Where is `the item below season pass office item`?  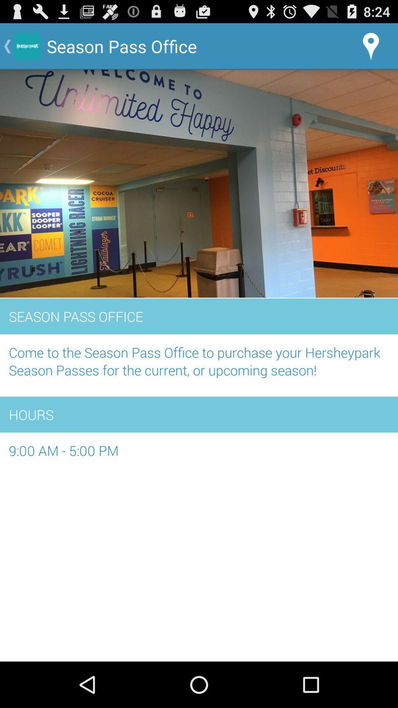
the item below season pass office item is located at coordinates (199, 365).